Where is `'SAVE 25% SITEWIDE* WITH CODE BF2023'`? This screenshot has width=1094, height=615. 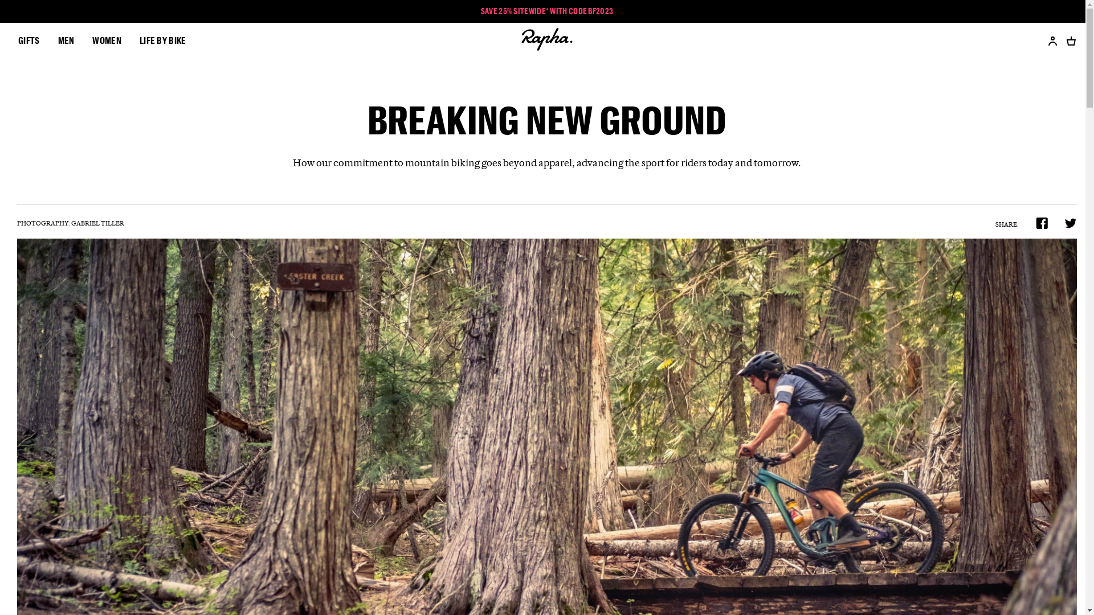
'SAVE 25% SITEWIDE* WITH CODE BF2023' is located at coordinates (547, 11).